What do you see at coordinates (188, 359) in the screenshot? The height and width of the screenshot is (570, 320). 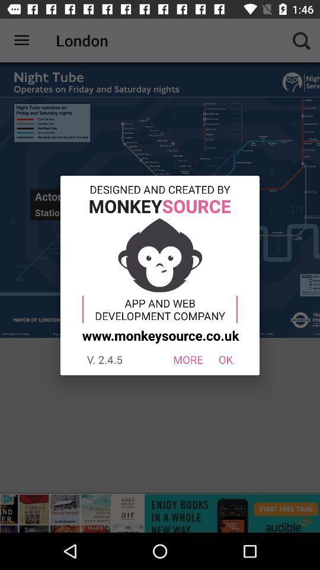 I see `item next to the v 2 4` at bounding box center [188, 359].